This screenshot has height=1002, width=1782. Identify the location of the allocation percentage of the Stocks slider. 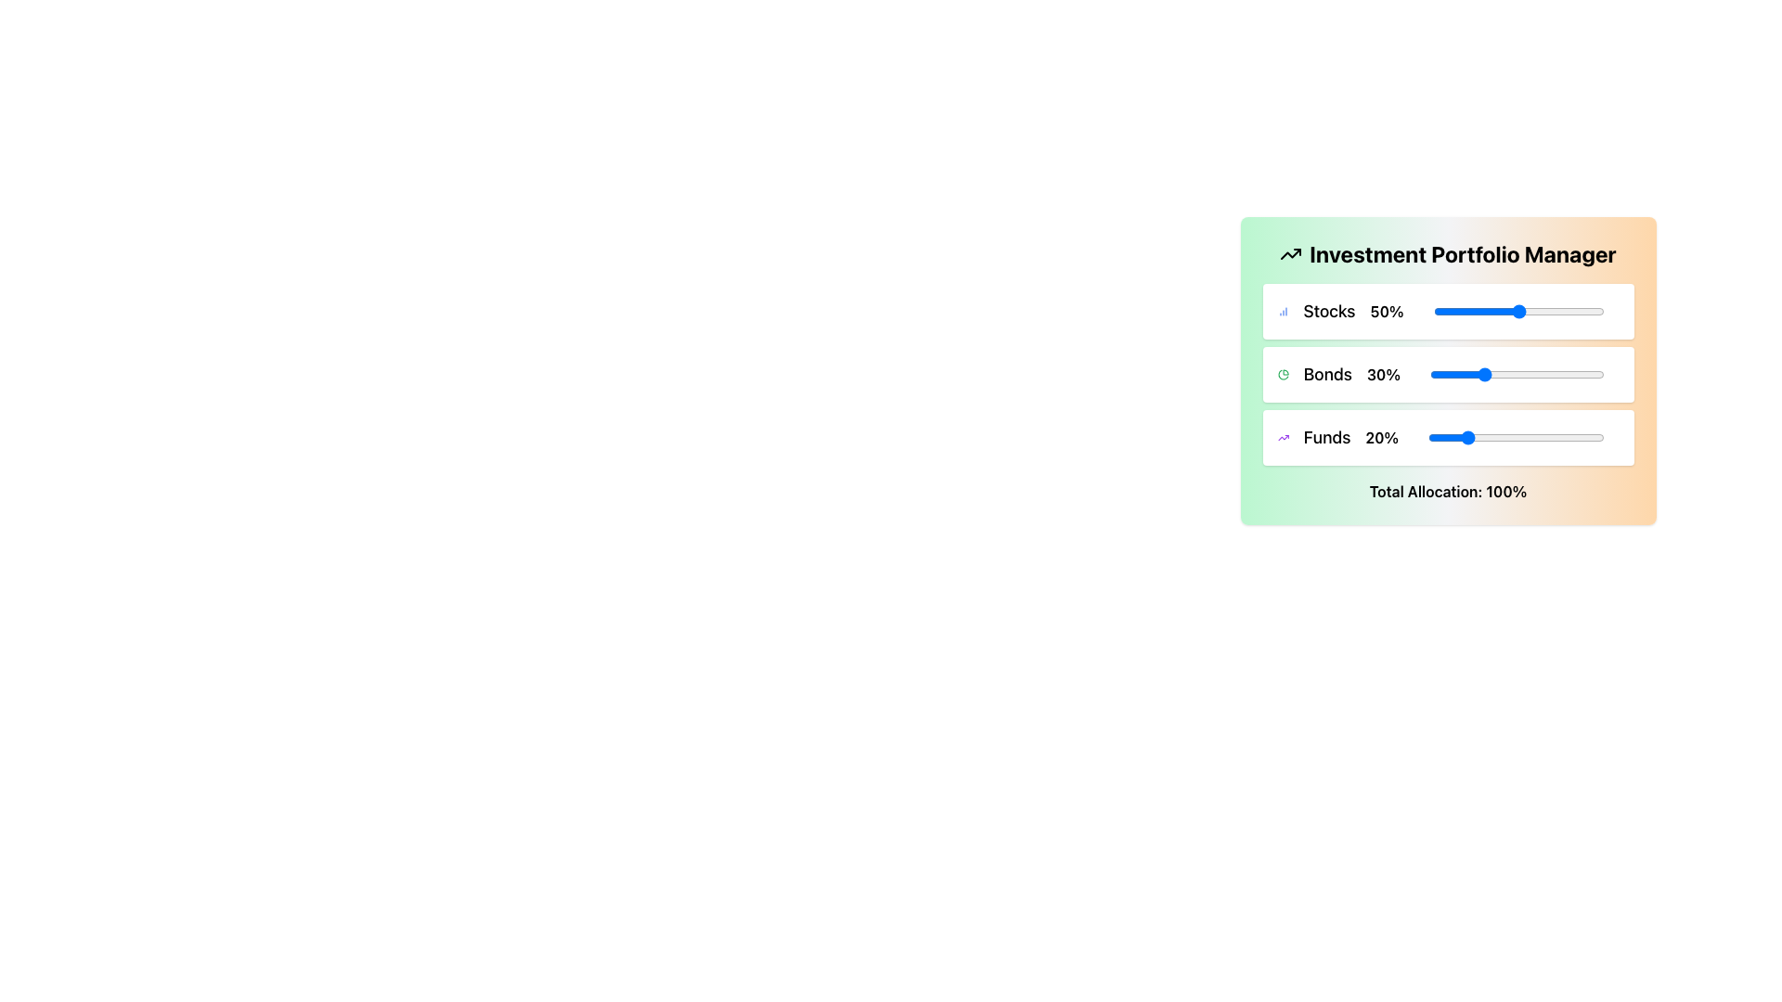
(1574, 310).